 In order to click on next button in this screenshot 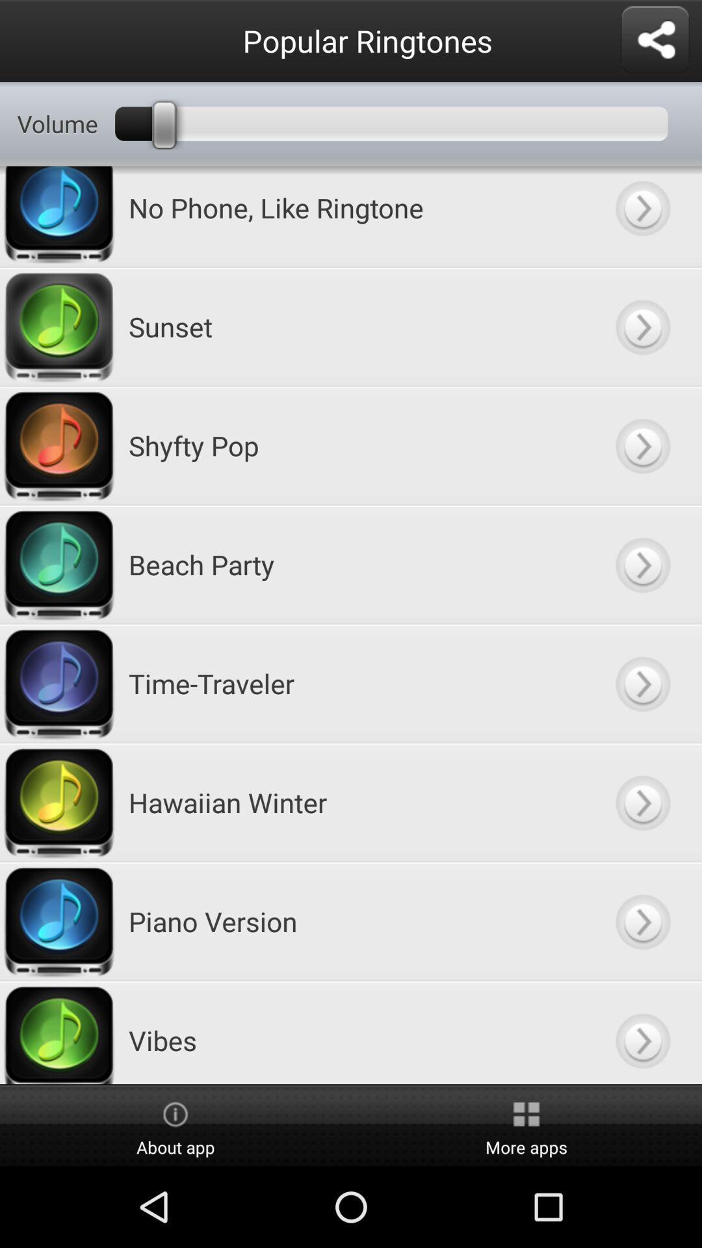, I will do `click(642, 920)`.